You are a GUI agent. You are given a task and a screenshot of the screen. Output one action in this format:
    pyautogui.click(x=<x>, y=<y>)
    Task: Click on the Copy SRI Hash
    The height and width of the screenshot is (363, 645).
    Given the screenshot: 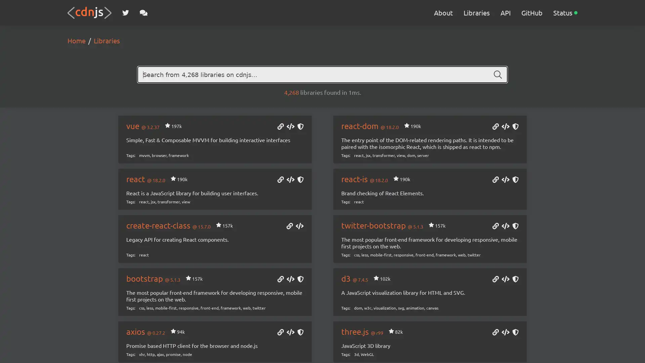 What is the action you would take?
    pyautogui.click(x=515, y=127)
    